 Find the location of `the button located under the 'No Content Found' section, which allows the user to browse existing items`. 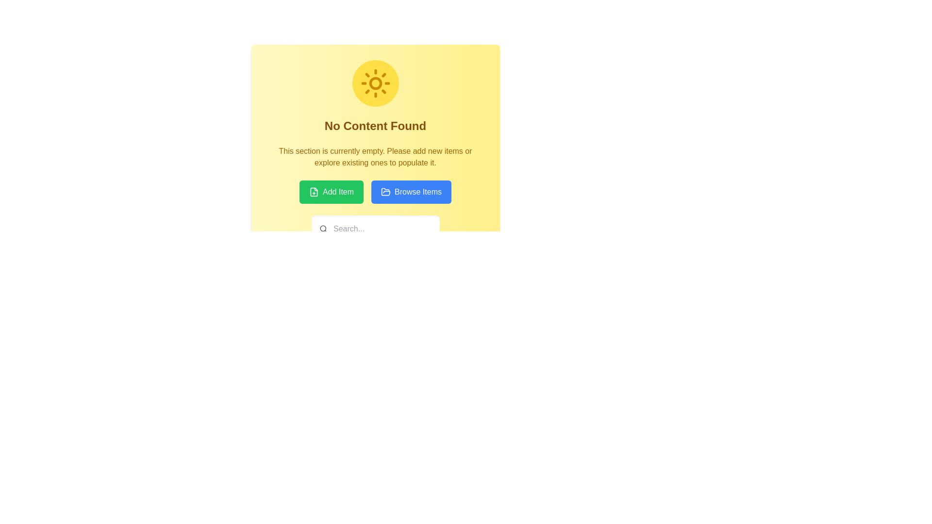

the button located under the 'No Content Found' section, which allows the user to browse existing items is located at coordinates (411, 192).